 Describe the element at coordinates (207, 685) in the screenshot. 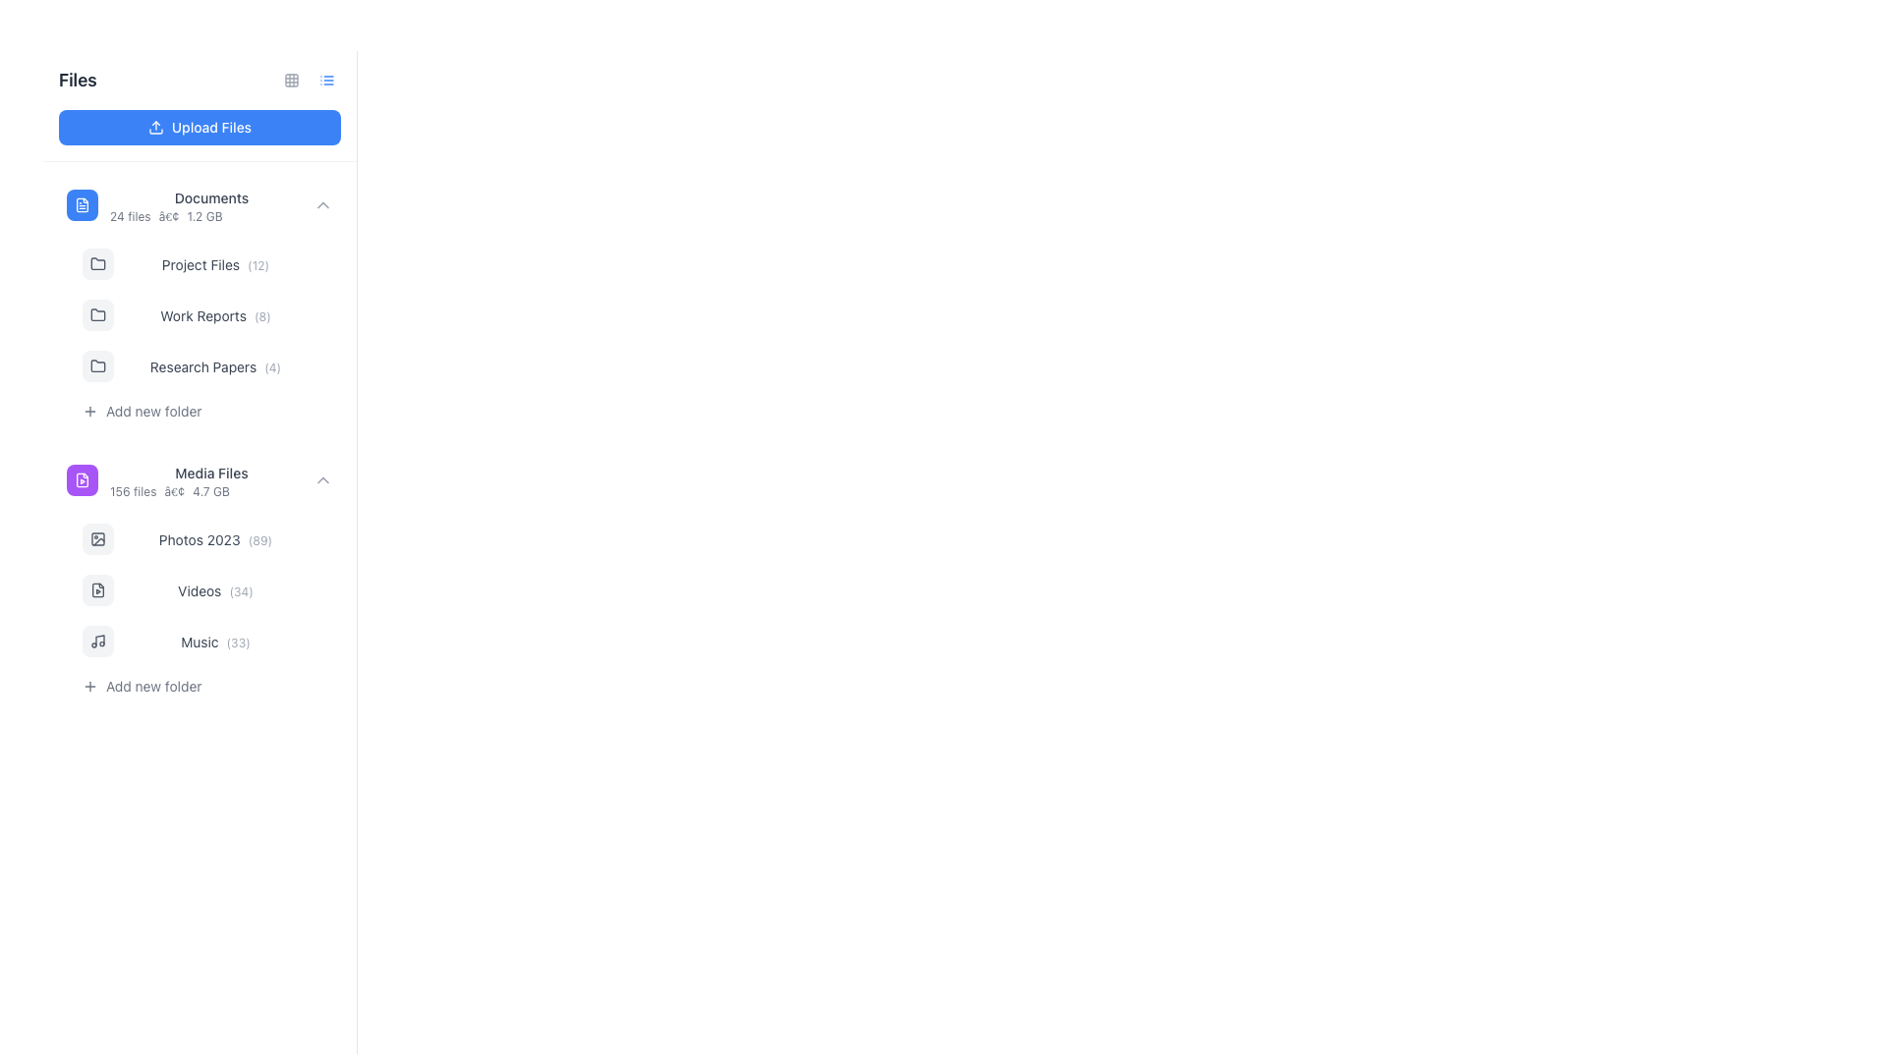

I see `the button located at the bottom of the 'Media Files' section to create a new folder` at that location.